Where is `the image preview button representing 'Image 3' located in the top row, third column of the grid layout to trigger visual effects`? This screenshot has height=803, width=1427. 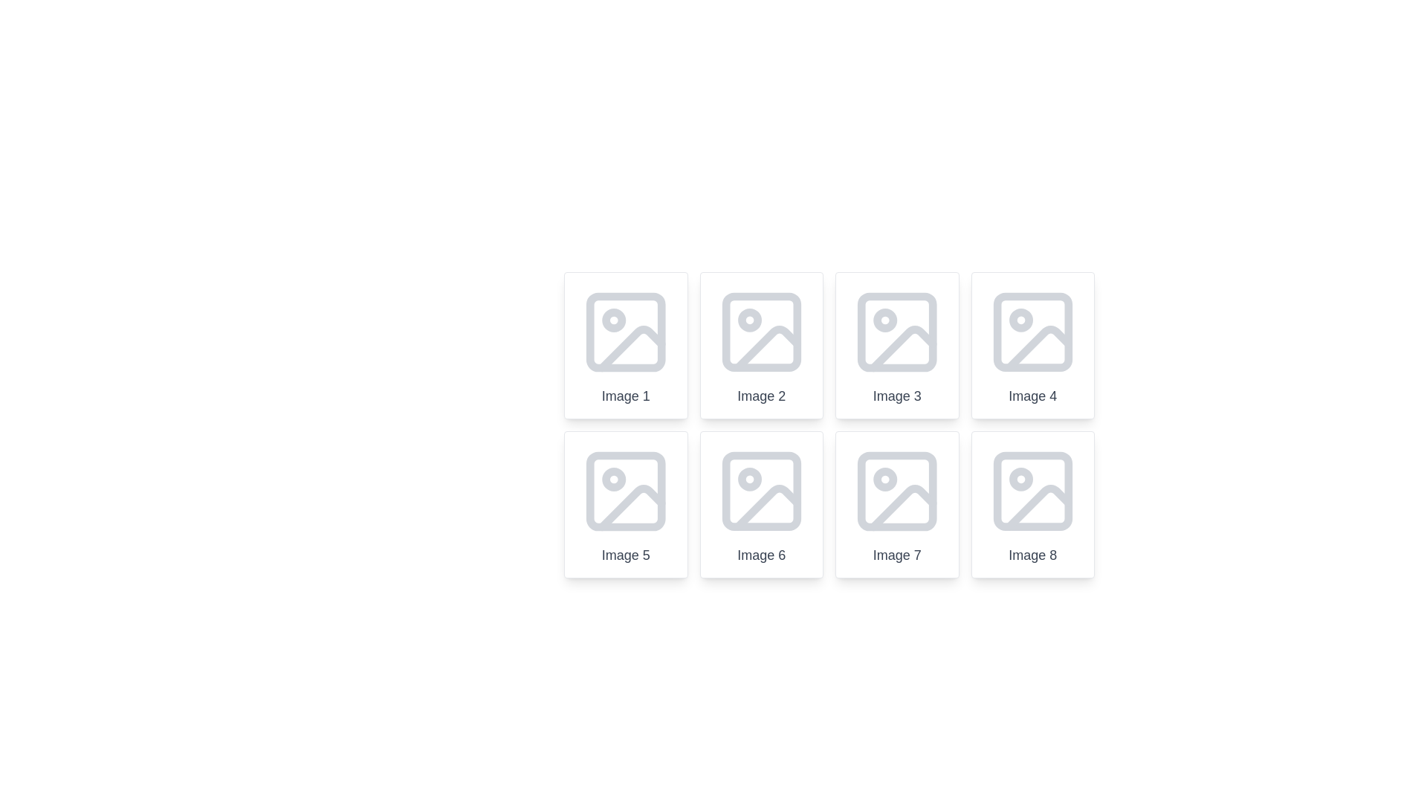 the image preview button representing 'Image 3' located in the top row, third column of the grid layout to trigger visual effects is located at coordinates (896, 346).